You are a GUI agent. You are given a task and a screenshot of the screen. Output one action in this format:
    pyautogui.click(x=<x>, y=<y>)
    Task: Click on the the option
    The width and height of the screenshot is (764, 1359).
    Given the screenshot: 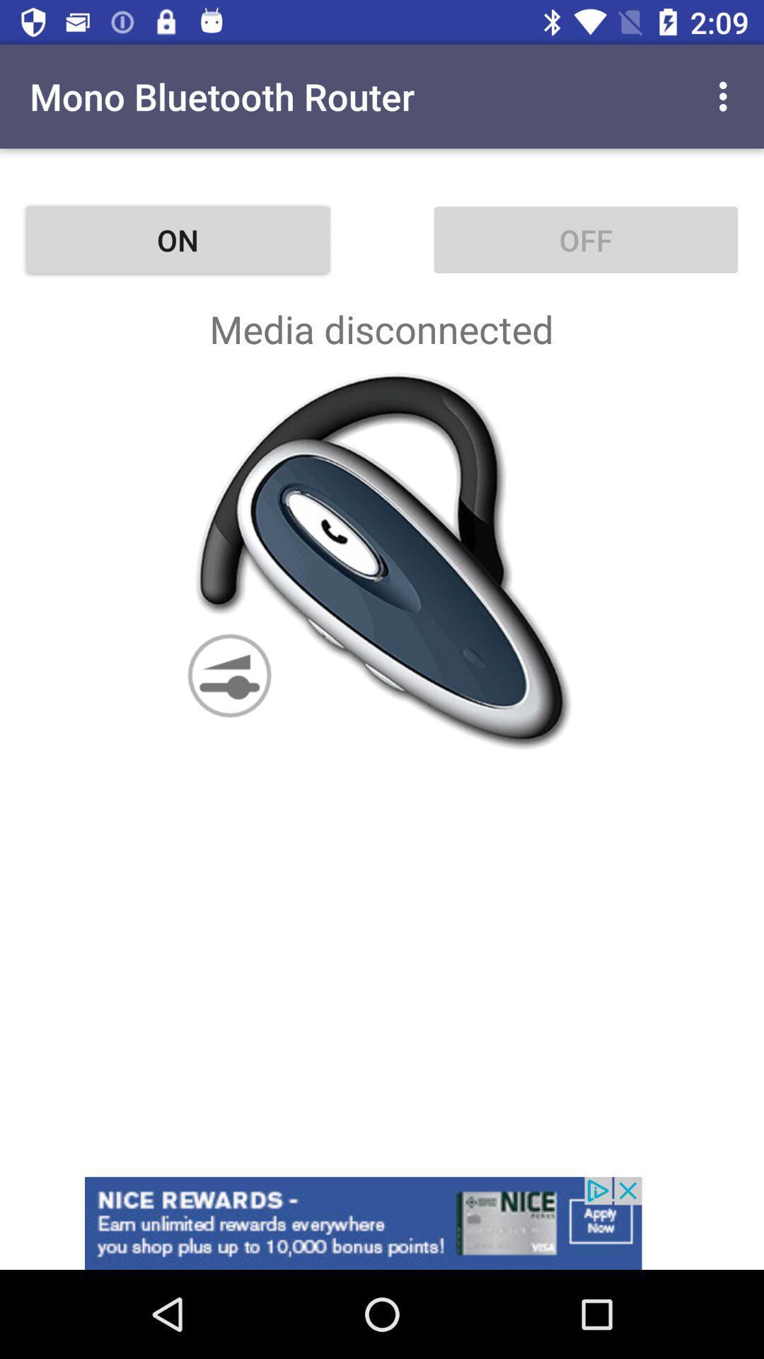 What is the action you would take?
    pyautogui.click(x=382, y=1222)
    